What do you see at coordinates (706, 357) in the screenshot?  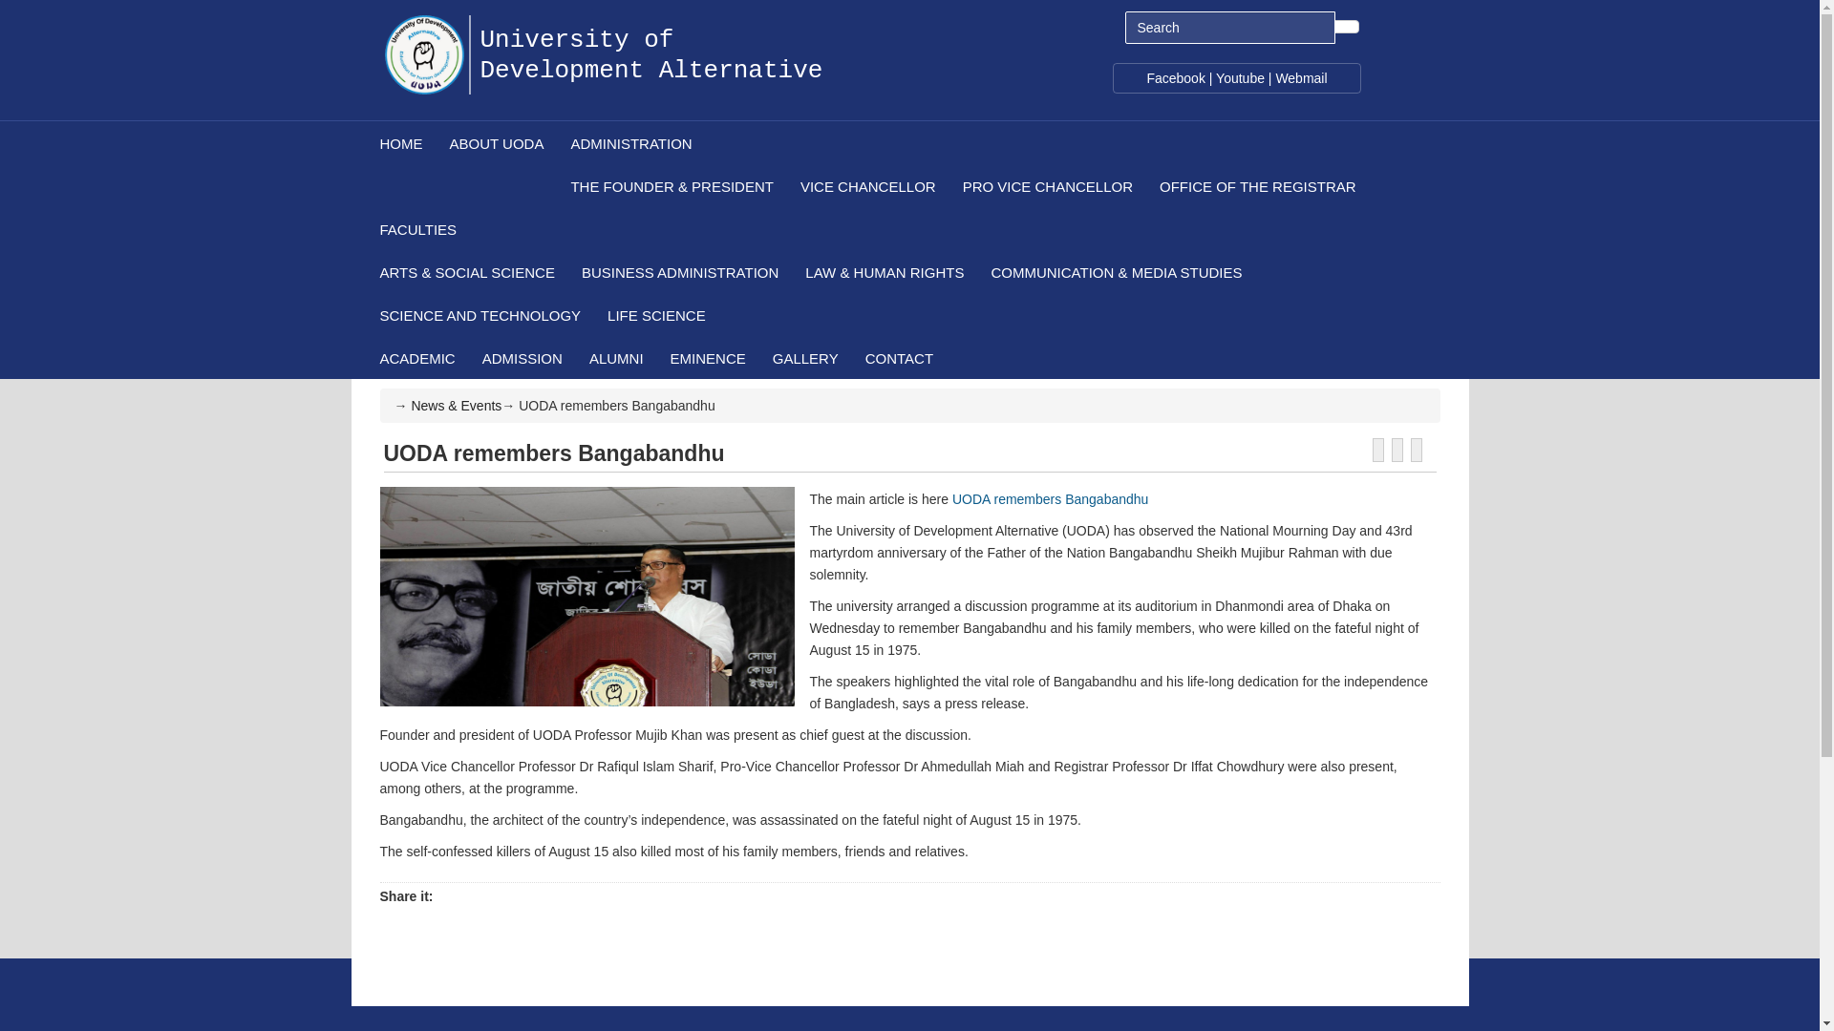 I see `'EMINENCE'` at bounding box center [706, 357].